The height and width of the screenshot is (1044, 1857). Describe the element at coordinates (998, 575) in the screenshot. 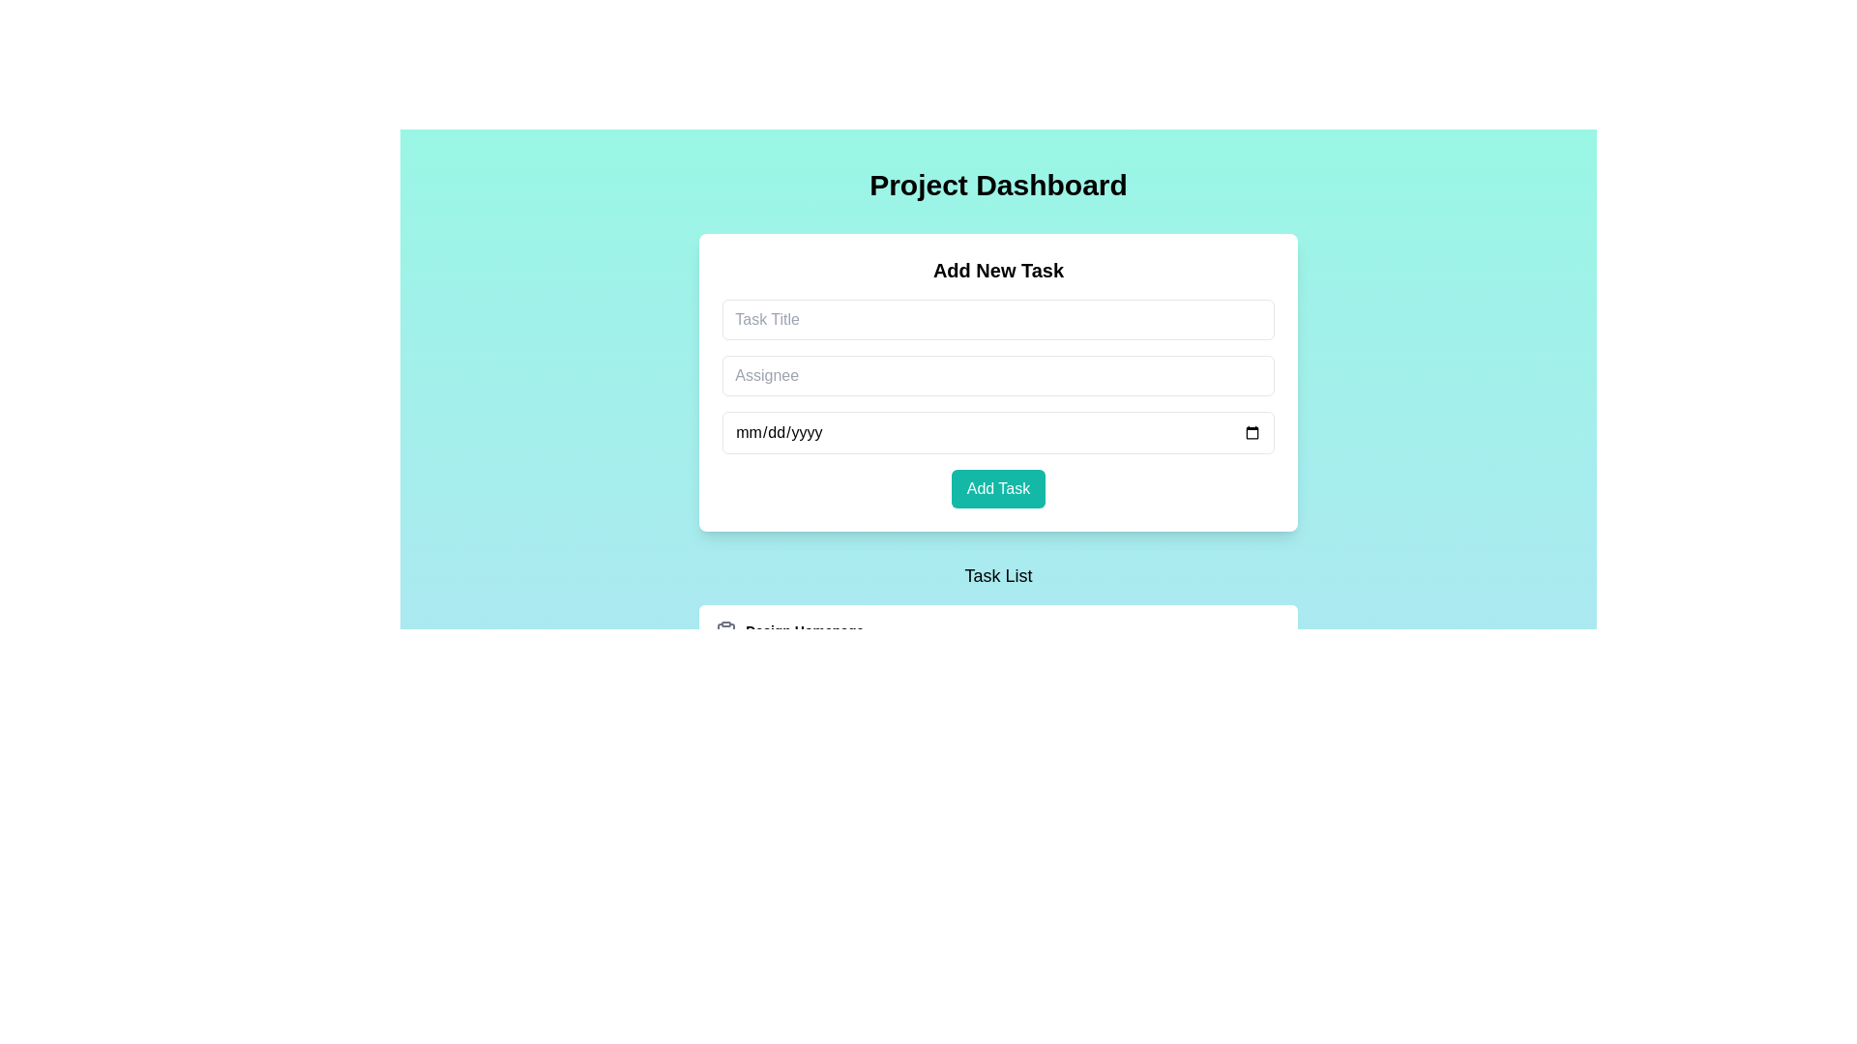

I see `text header displaying 'Task List', which is bold and larger, located below the 'Add New Task' section` at that location.